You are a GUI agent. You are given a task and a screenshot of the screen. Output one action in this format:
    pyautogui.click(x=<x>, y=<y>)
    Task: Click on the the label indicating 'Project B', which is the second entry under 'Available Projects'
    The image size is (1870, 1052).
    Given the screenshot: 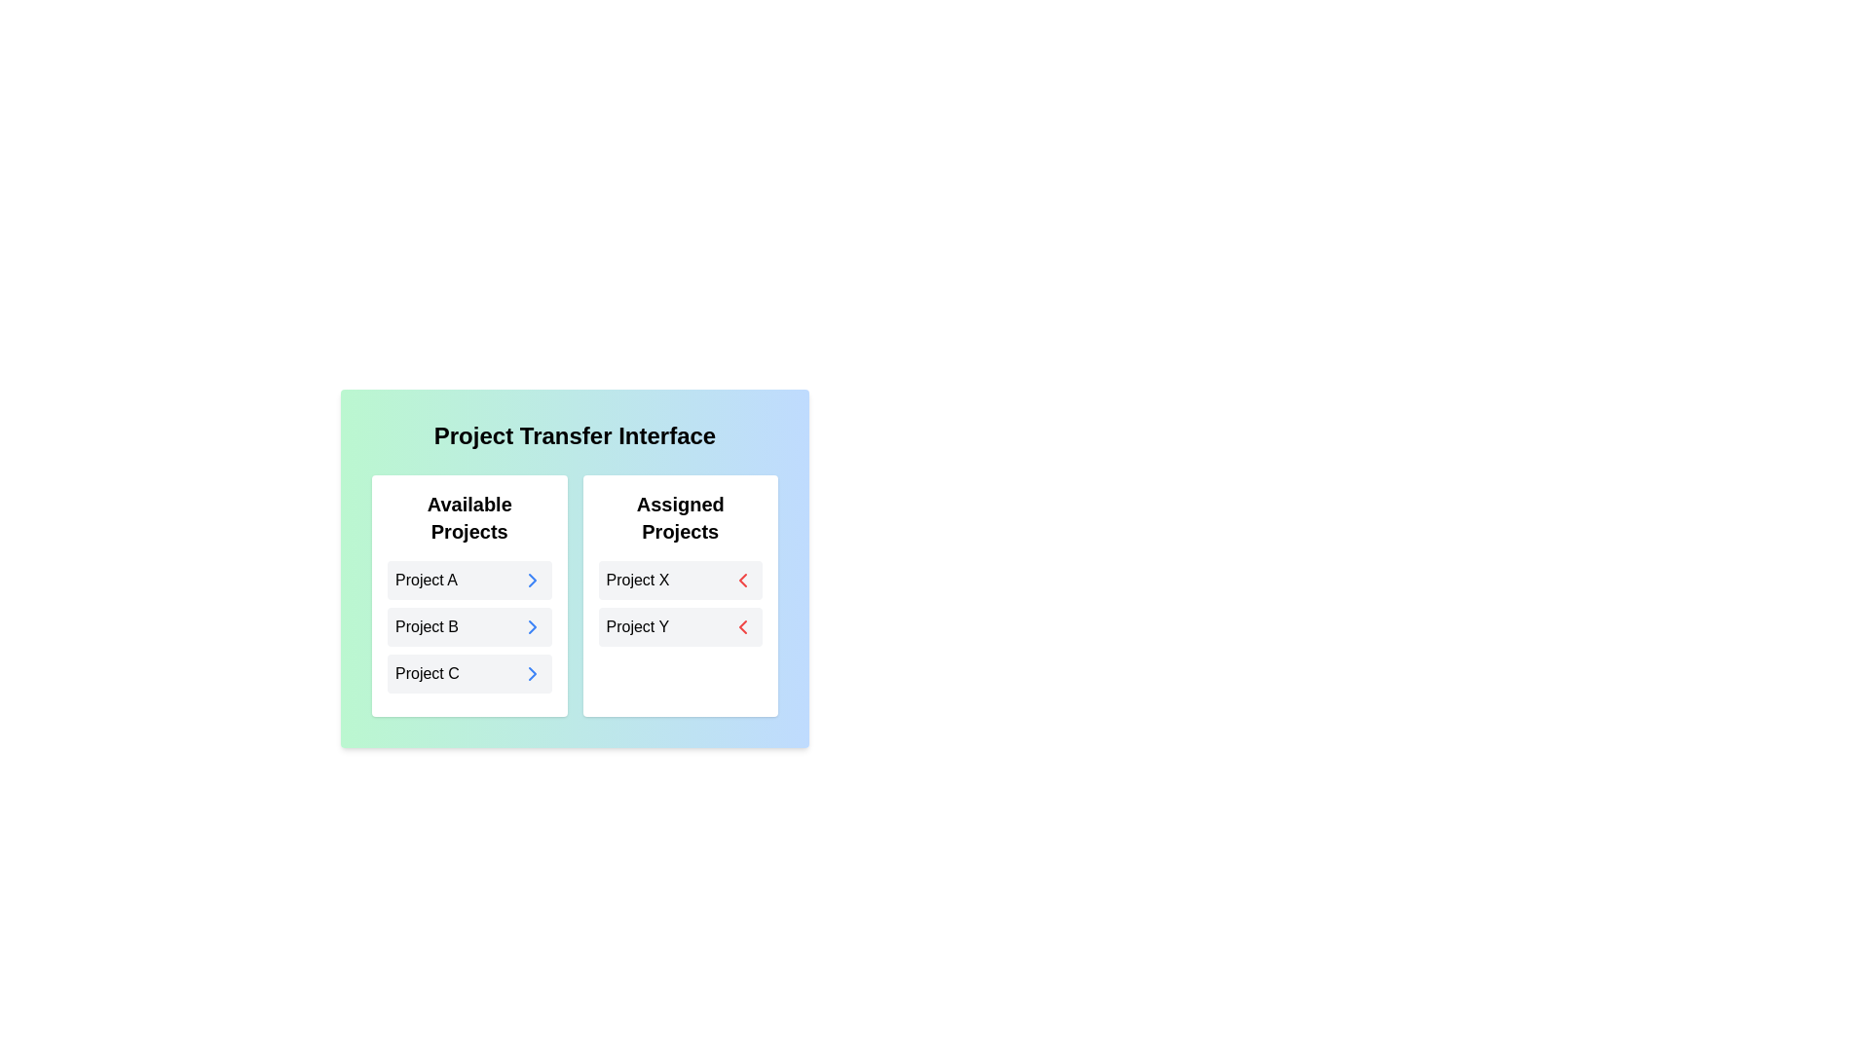 What is the action you would take?
    pyautogui.click(x=426, y=627)
    